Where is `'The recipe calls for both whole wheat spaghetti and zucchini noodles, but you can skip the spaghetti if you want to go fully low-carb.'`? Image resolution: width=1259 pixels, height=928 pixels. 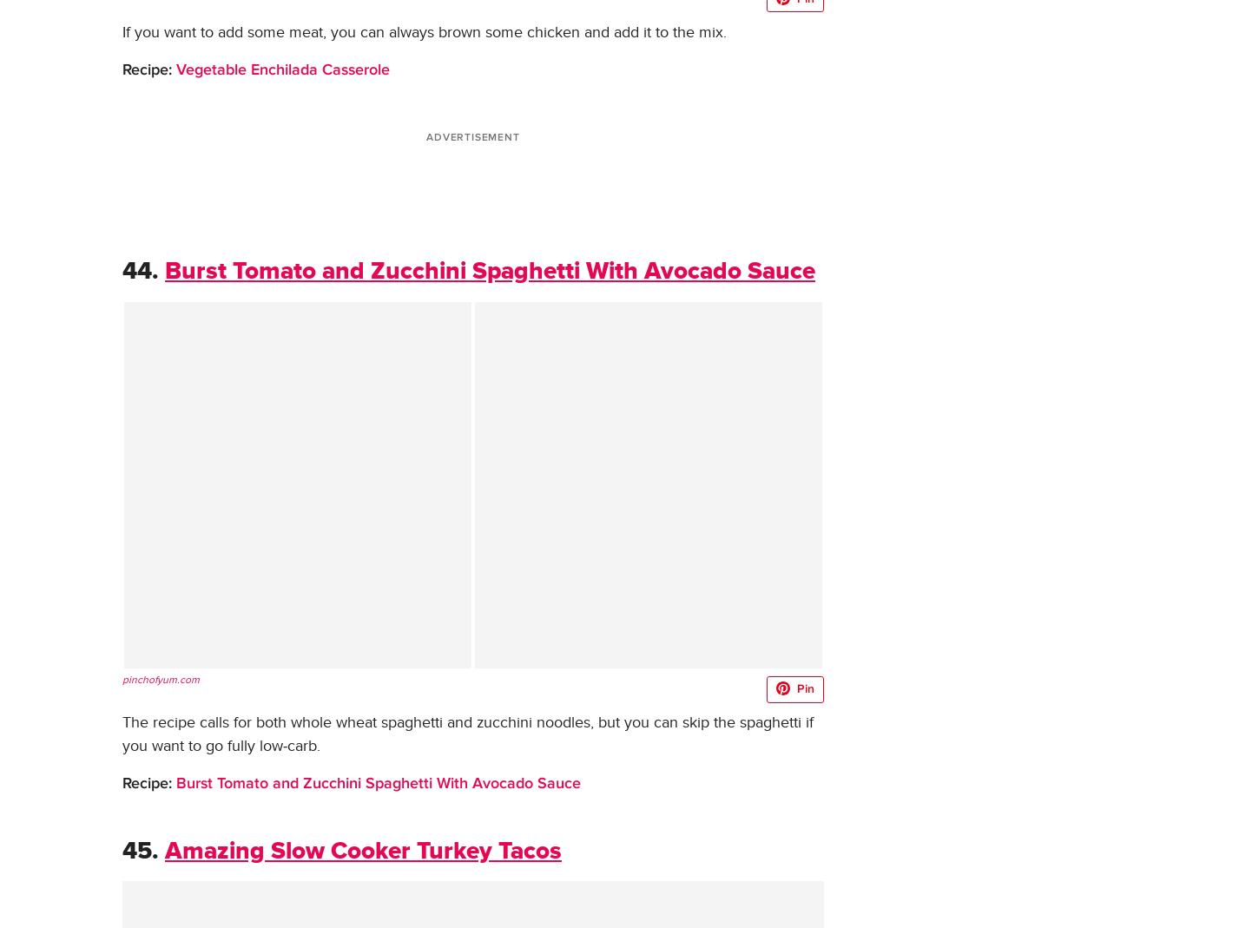
'The recipe calls for both whole wheat spaghetti and zucchini noodles, but you can skip the spaghetti if you want to go fully low-carb.' is located at coordinates (467, 734).